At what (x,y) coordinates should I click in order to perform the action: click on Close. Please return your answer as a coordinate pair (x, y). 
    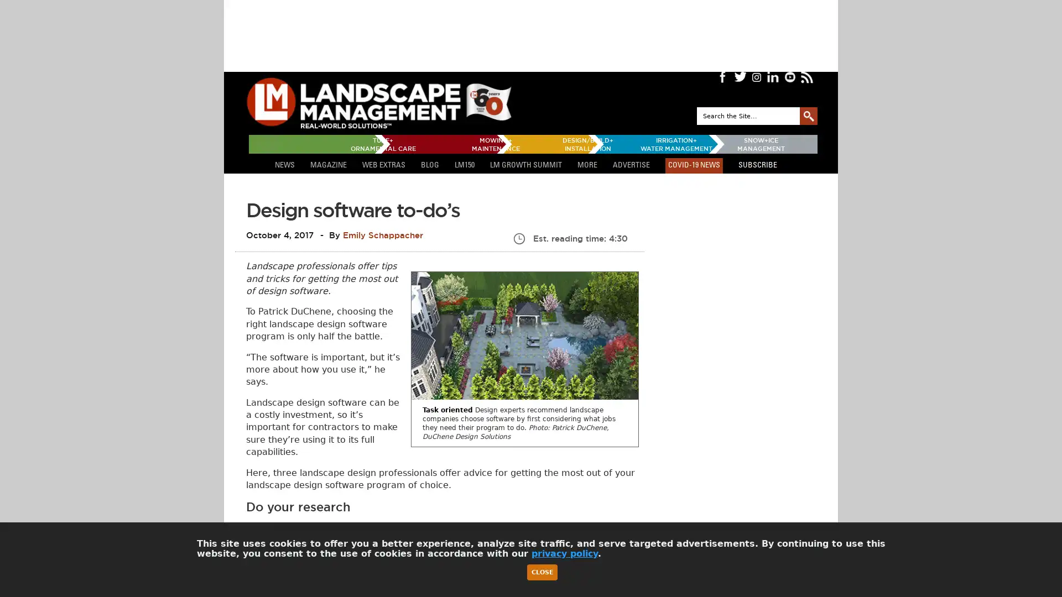
    Looking at the image, I should click on (542, 572).